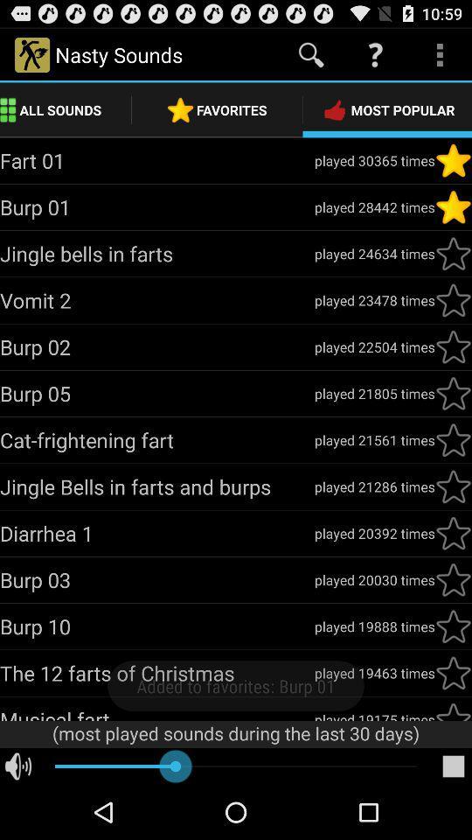  I want to click on favorite, so click(453, 626).